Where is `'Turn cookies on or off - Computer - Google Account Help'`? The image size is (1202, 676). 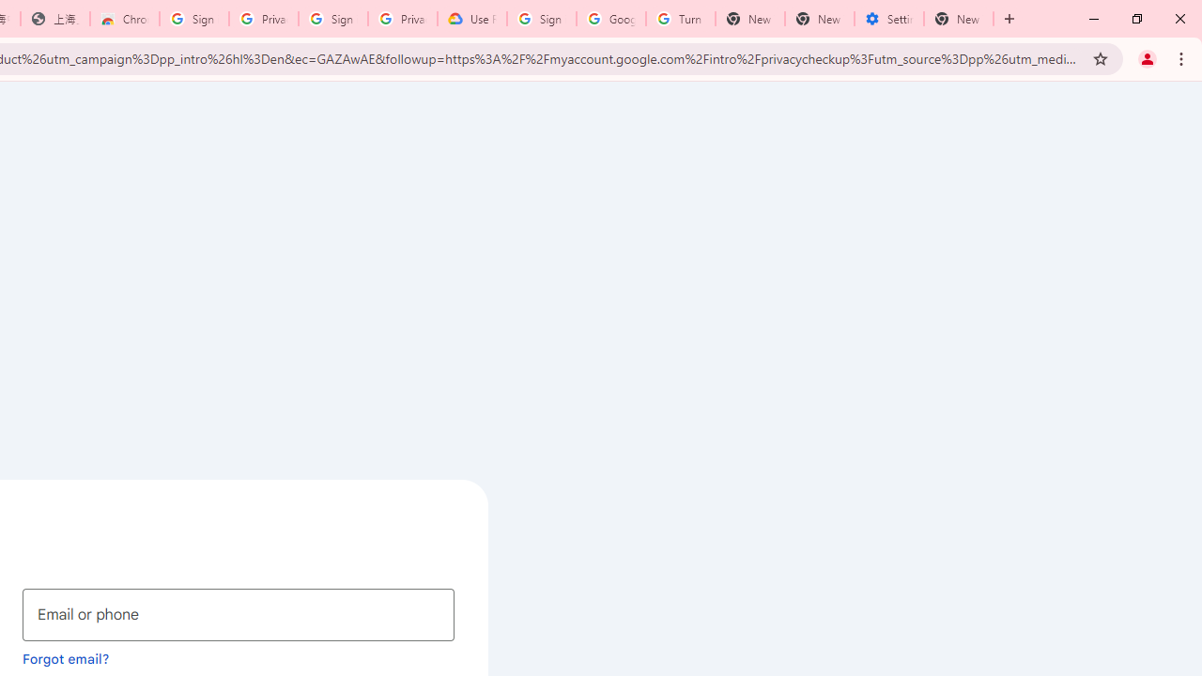
'Turn cookies on or off - Computer - Google Account Help' is located at coordinates (679, 19).